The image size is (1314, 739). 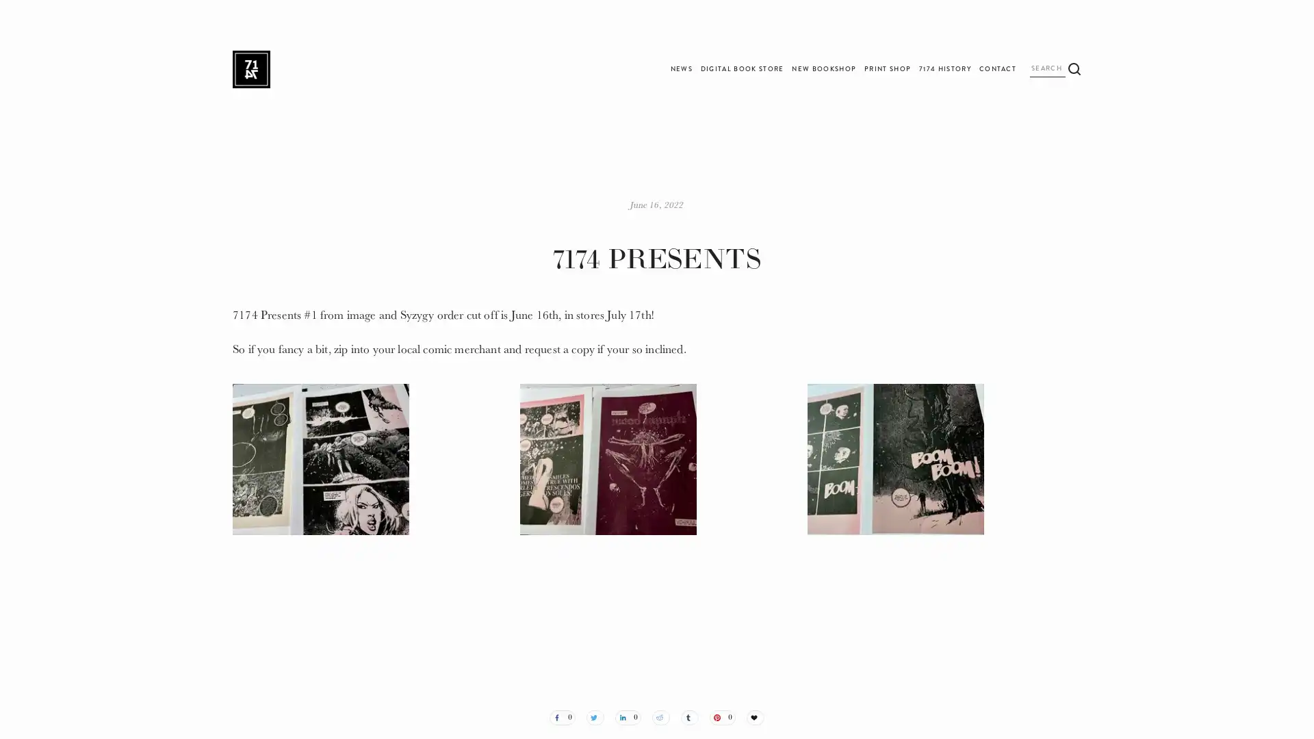 I want to click on View fullsize IMG_3080.JPG, so click(x=657, y=519).